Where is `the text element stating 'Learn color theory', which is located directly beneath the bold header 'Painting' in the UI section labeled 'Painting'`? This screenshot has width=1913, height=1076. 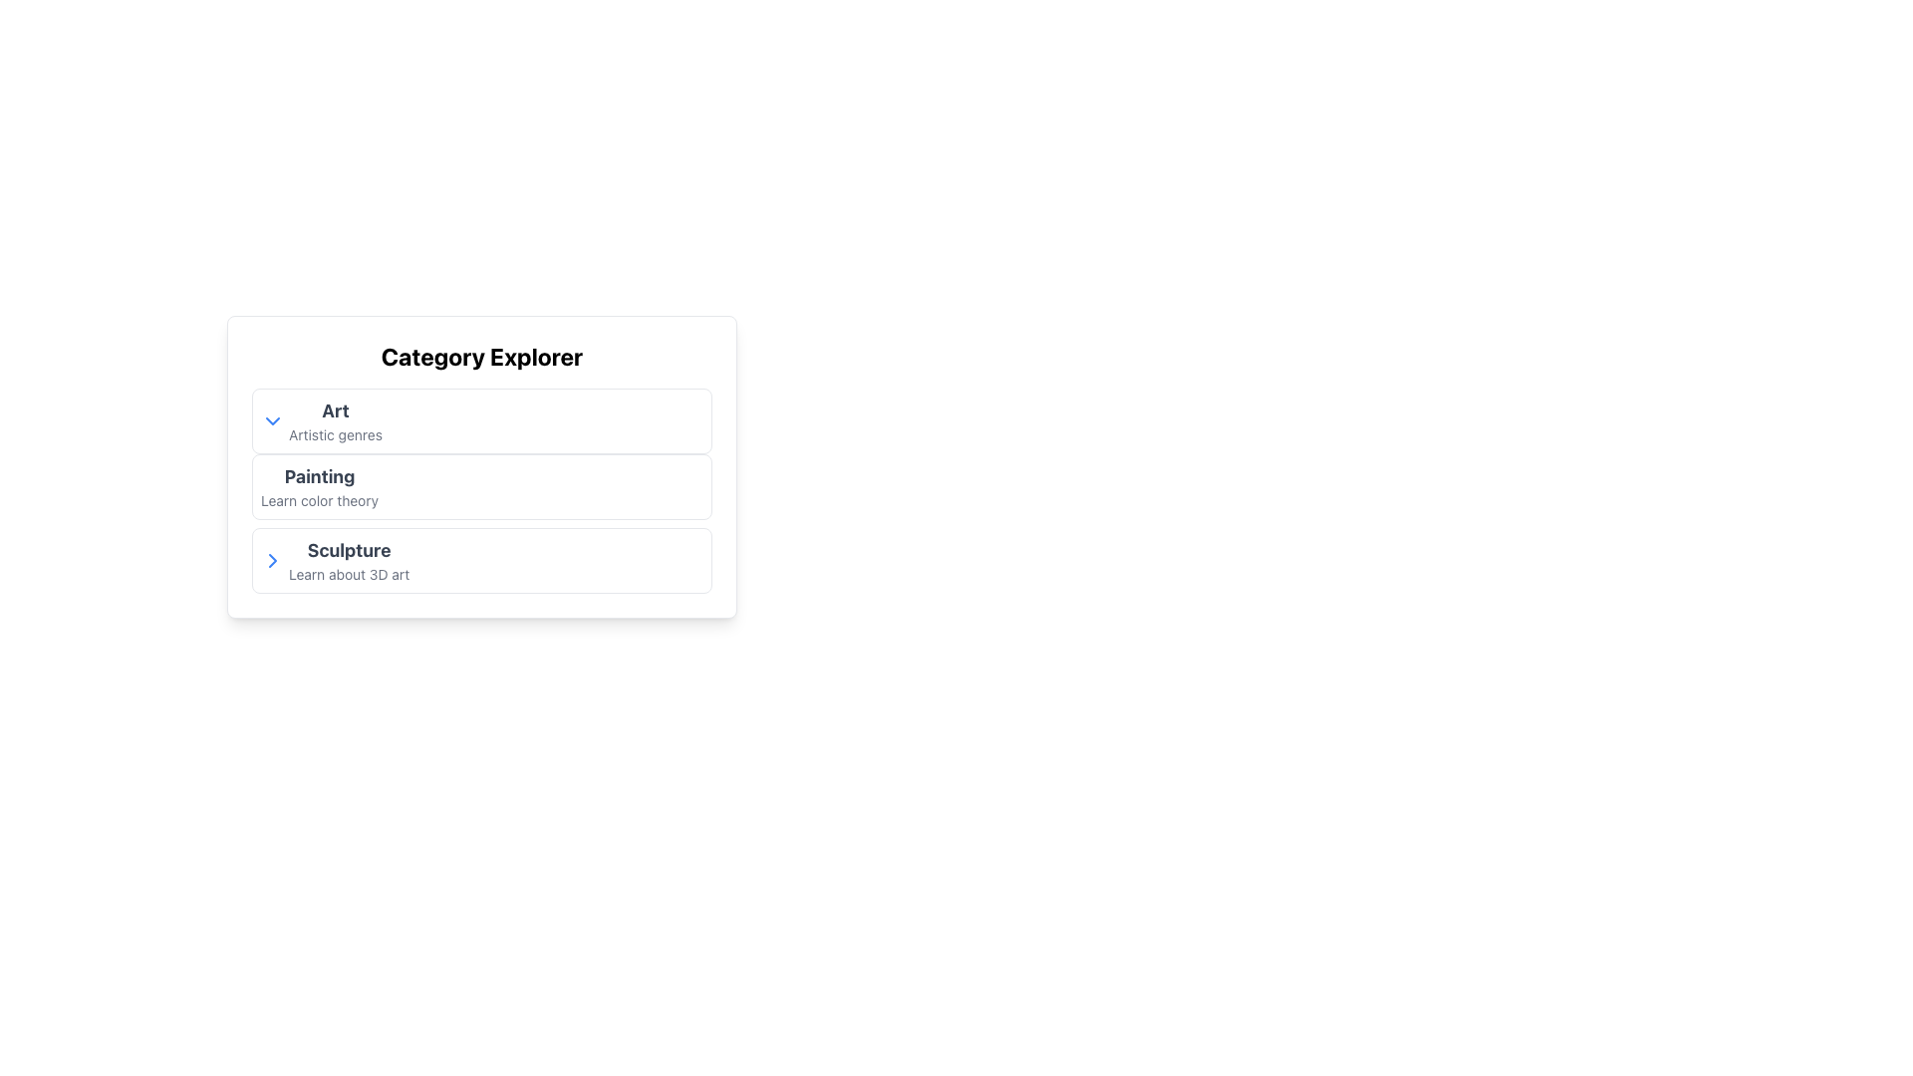
the text element stating 'Learn color theory', which is located directly beneath the bold header 'Painting' in the UI section labeled 'Painting' is located at coordinates (320, 499).